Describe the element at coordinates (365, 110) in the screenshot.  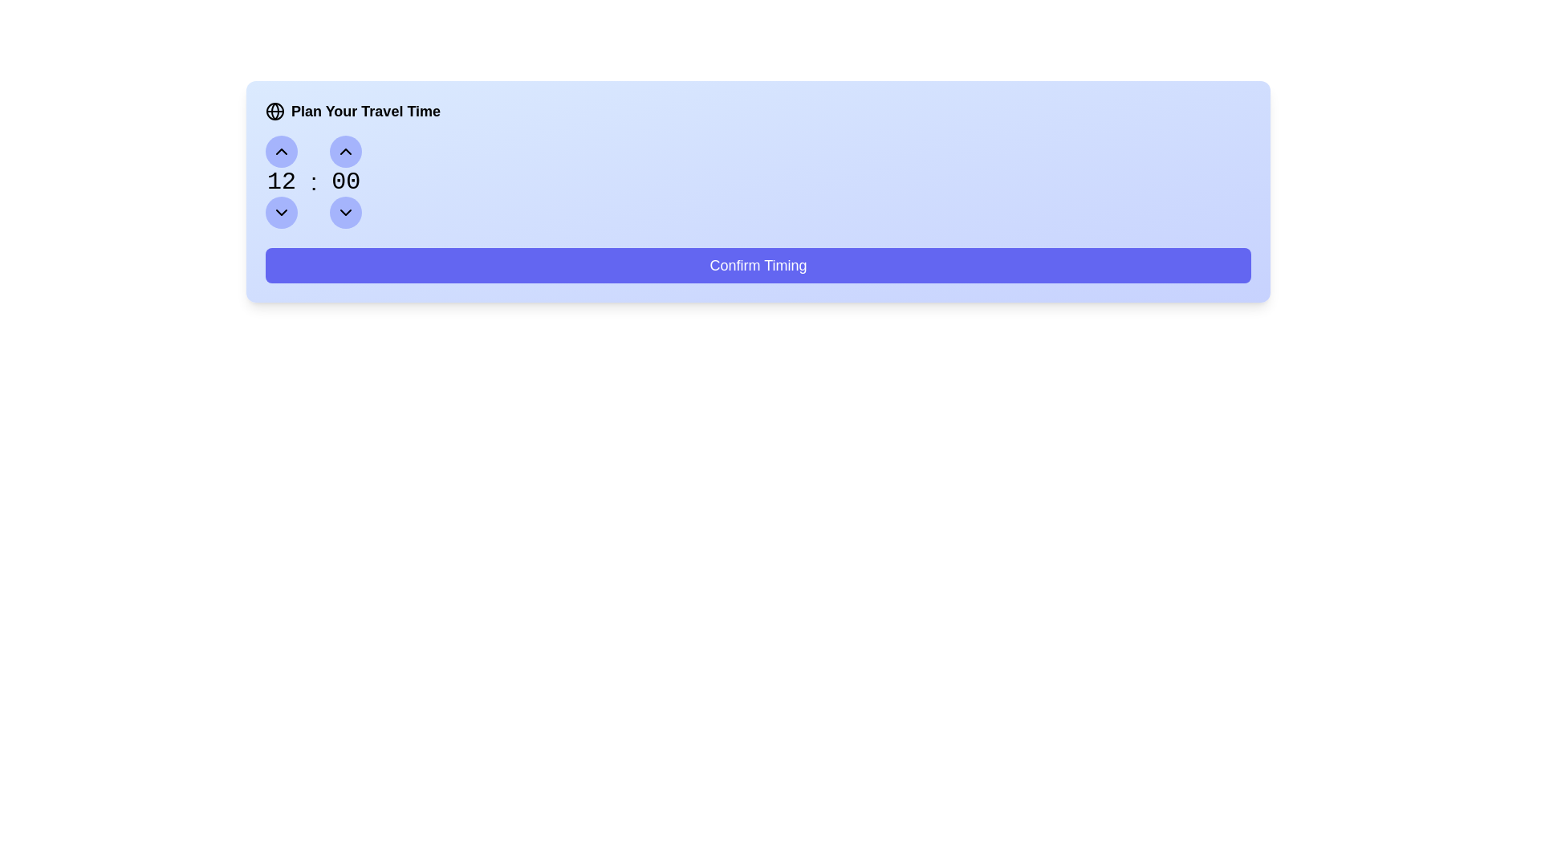
I see `the text label that serves as a title or heading for the interface section, located to the right of a globe icon in the upper-left area of the interface` at that location.